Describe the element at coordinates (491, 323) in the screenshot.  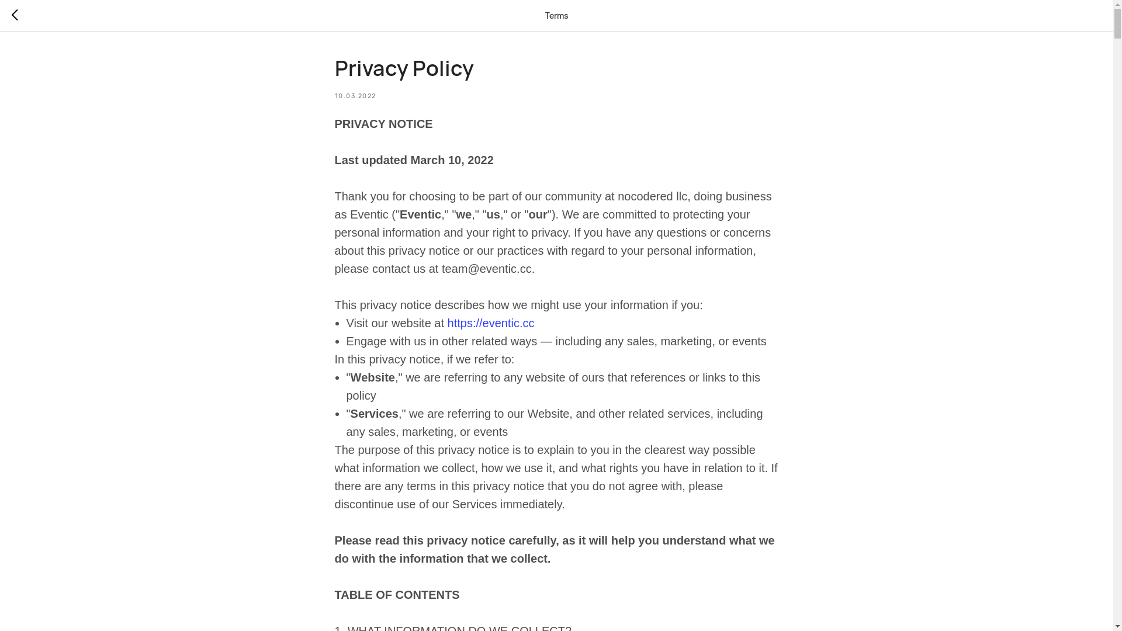
I see `'https://eventic.cc'` at that location.